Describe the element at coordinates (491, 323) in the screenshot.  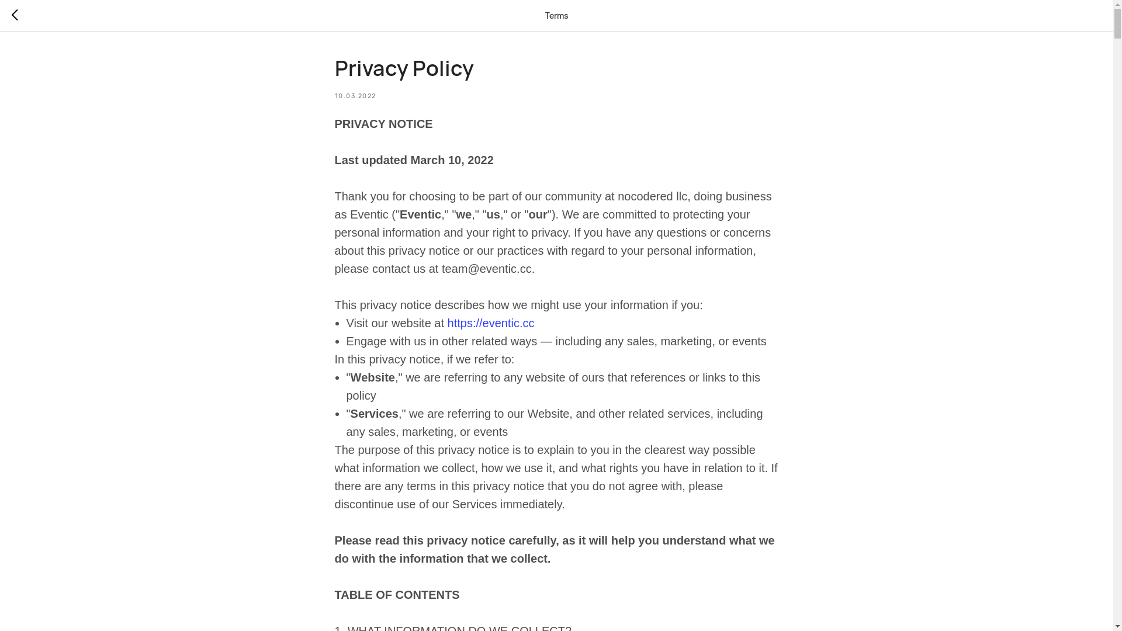
I see `'https://eventic.cc'` at that location.